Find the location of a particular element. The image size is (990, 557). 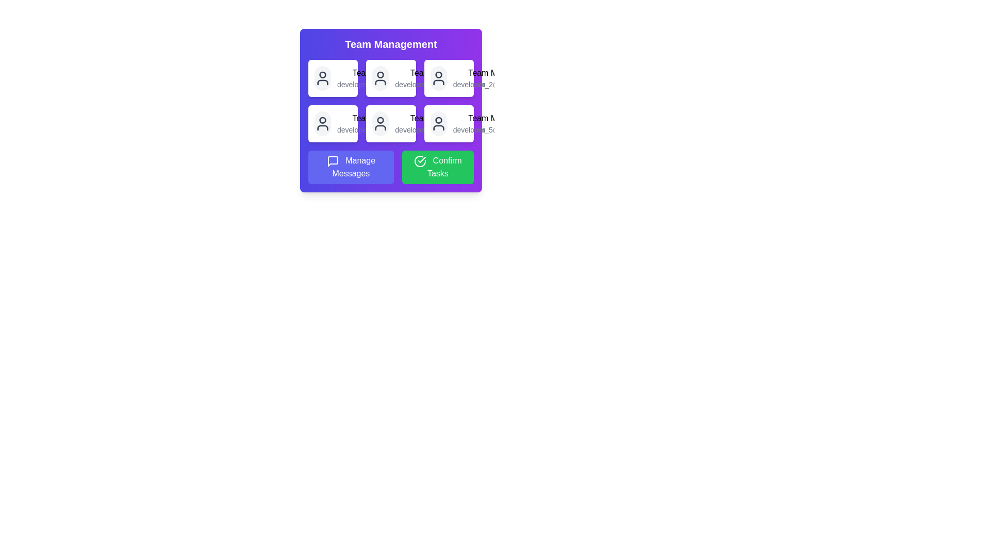

the User Avatar representing 'Team Member 1' with the email 'developer_0@example.com' by moving the cursor to it is located at coordinates (322, 77).